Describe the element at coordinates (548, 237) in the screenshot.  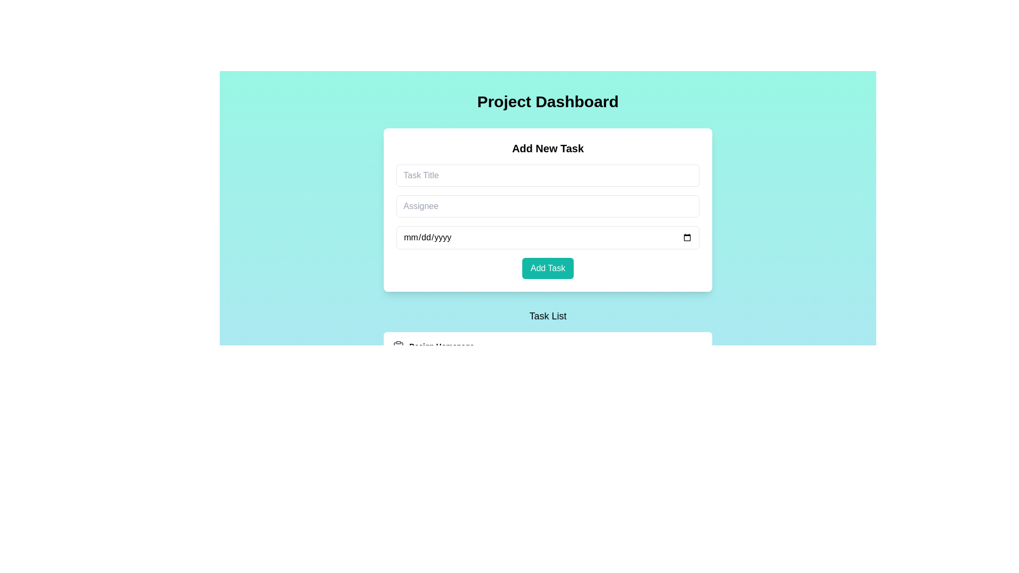
I see `to activate the Date input field located in the 'Add New Task' section, which is the third vertically stacked input field below the 'Task Title' and 'Assignee' fields` at that location.